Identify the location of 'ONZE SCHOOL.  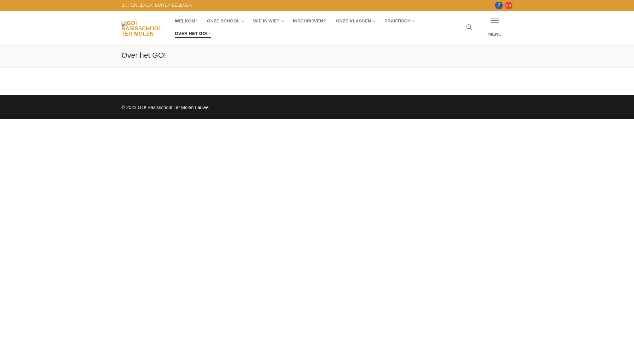
(225, 21).